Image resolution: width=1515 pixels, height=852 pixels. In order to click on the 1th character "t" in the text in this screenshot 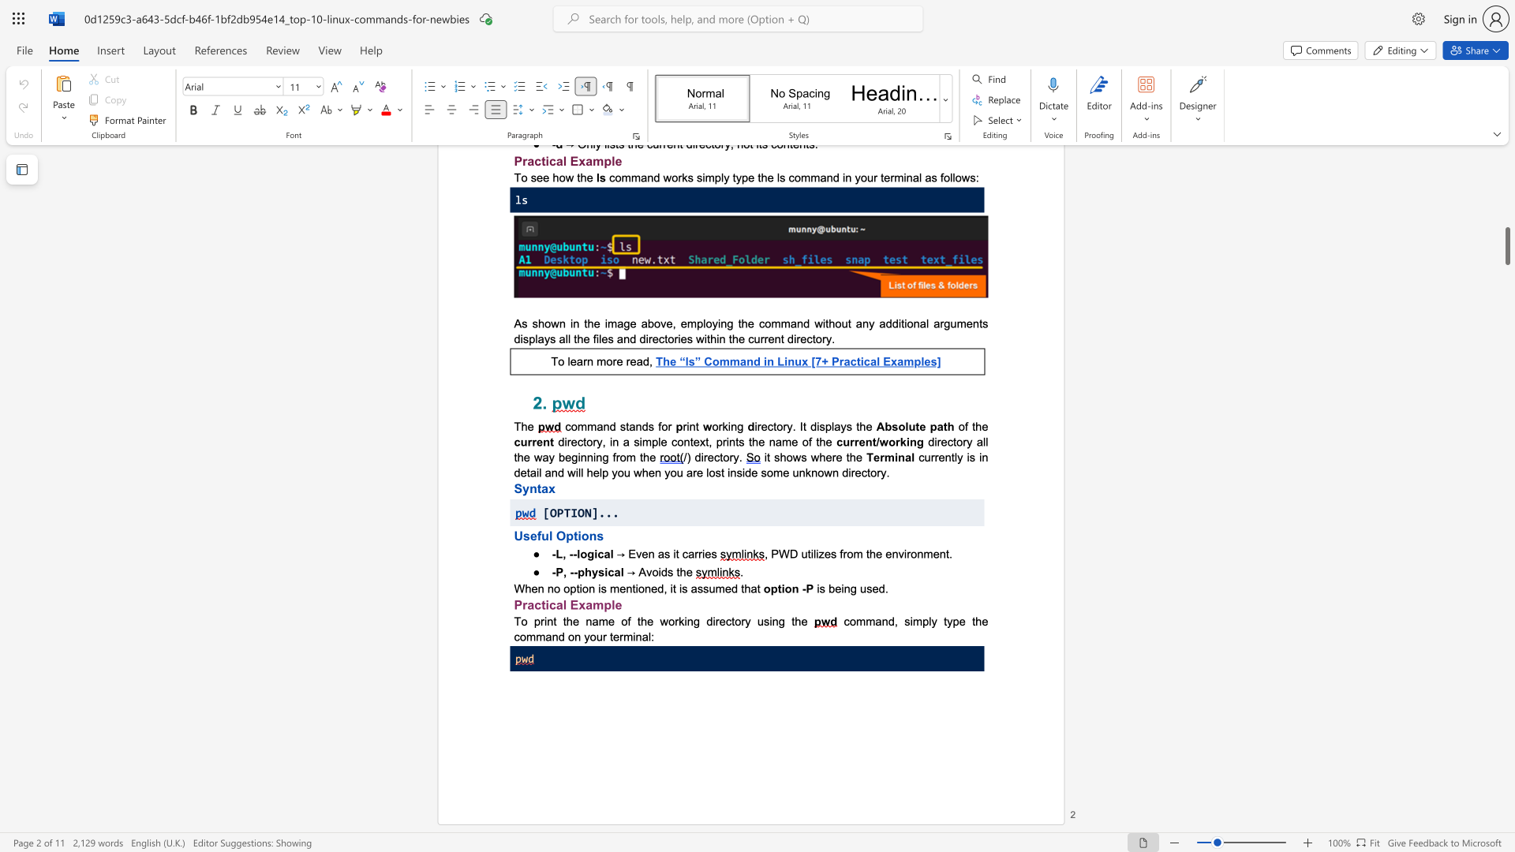, I will do `click(574, 535)`.